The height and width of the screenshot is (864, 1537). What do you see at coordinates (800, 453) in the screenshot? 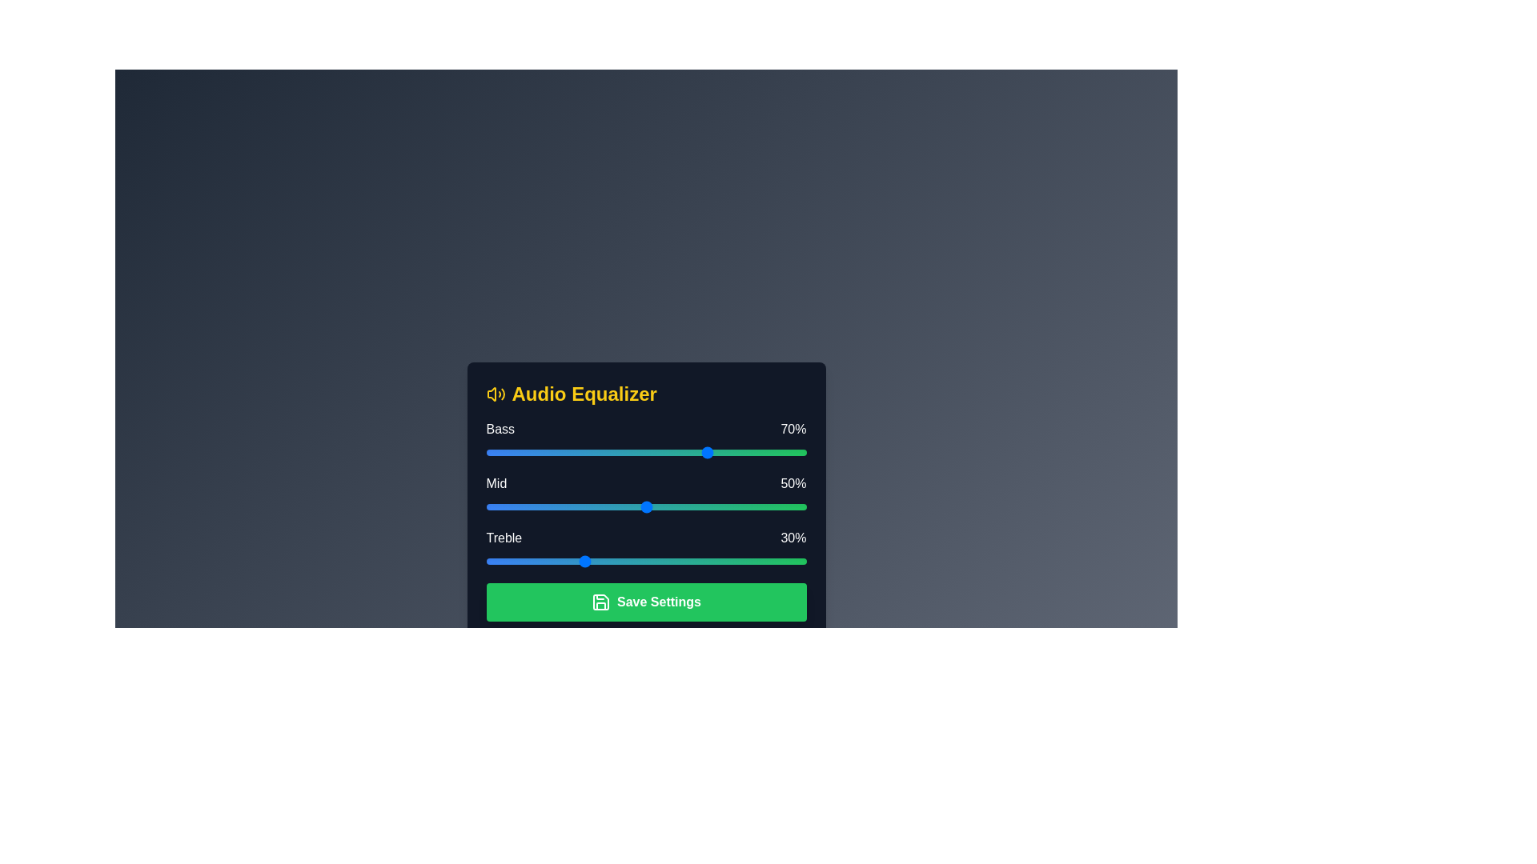
I see `the 0 slider to 98% and observe the visual feedback` at bounding box center [800, 453].